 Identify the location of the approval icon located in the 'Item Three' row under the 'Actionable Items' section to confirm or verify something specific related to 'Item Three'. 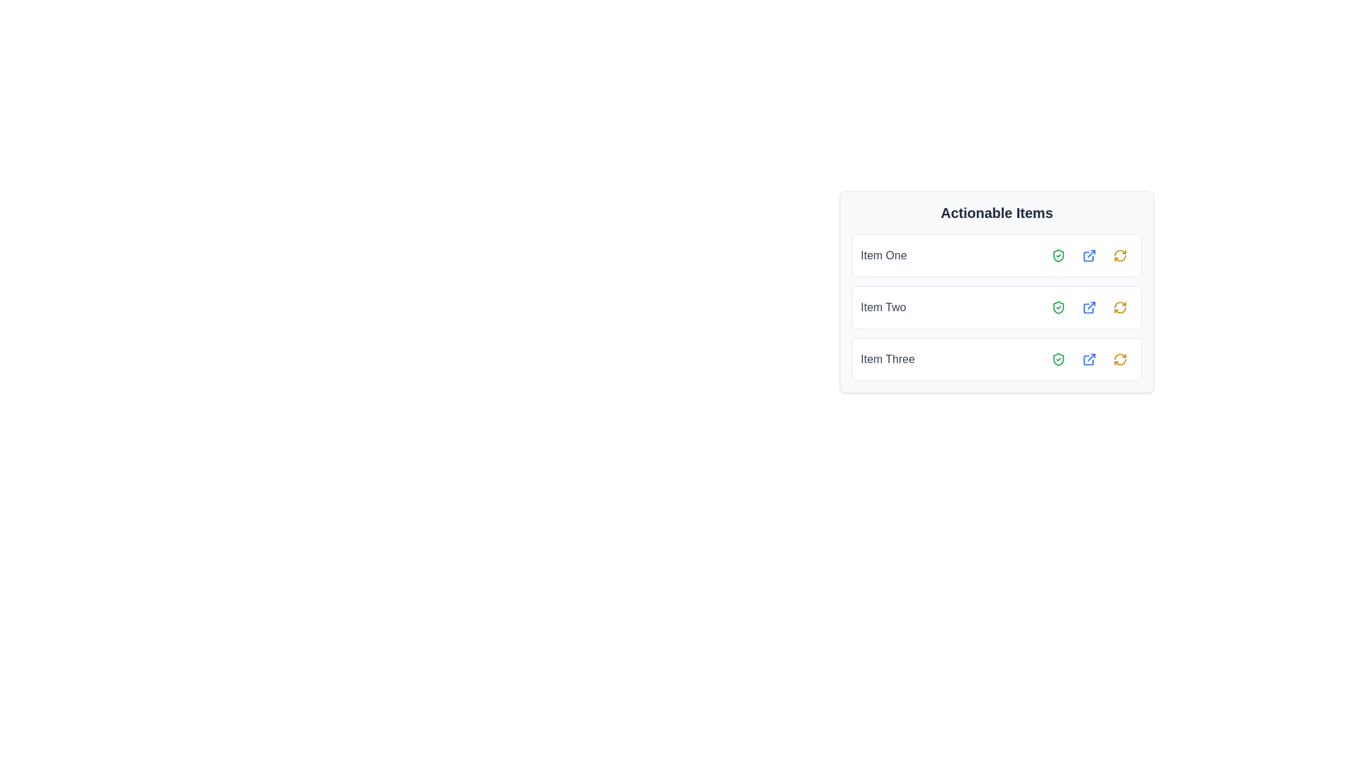
(1058, 359).